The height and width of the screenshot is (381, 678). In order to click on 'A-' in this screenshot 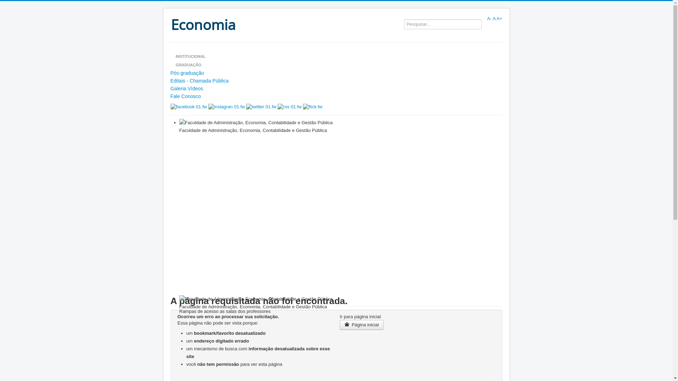, I will do `click(489, 18)`.